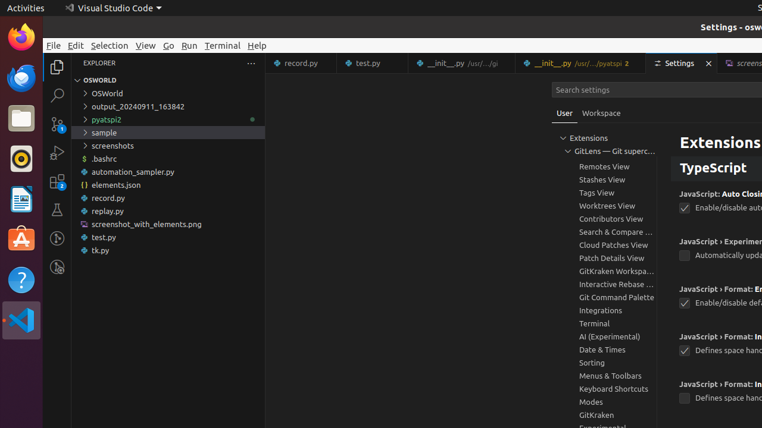 The width and height of the screenshot is (762, 428). Describe the element at coordinates (110, 45) in the screenshot. I see `'Selection'` at that location.